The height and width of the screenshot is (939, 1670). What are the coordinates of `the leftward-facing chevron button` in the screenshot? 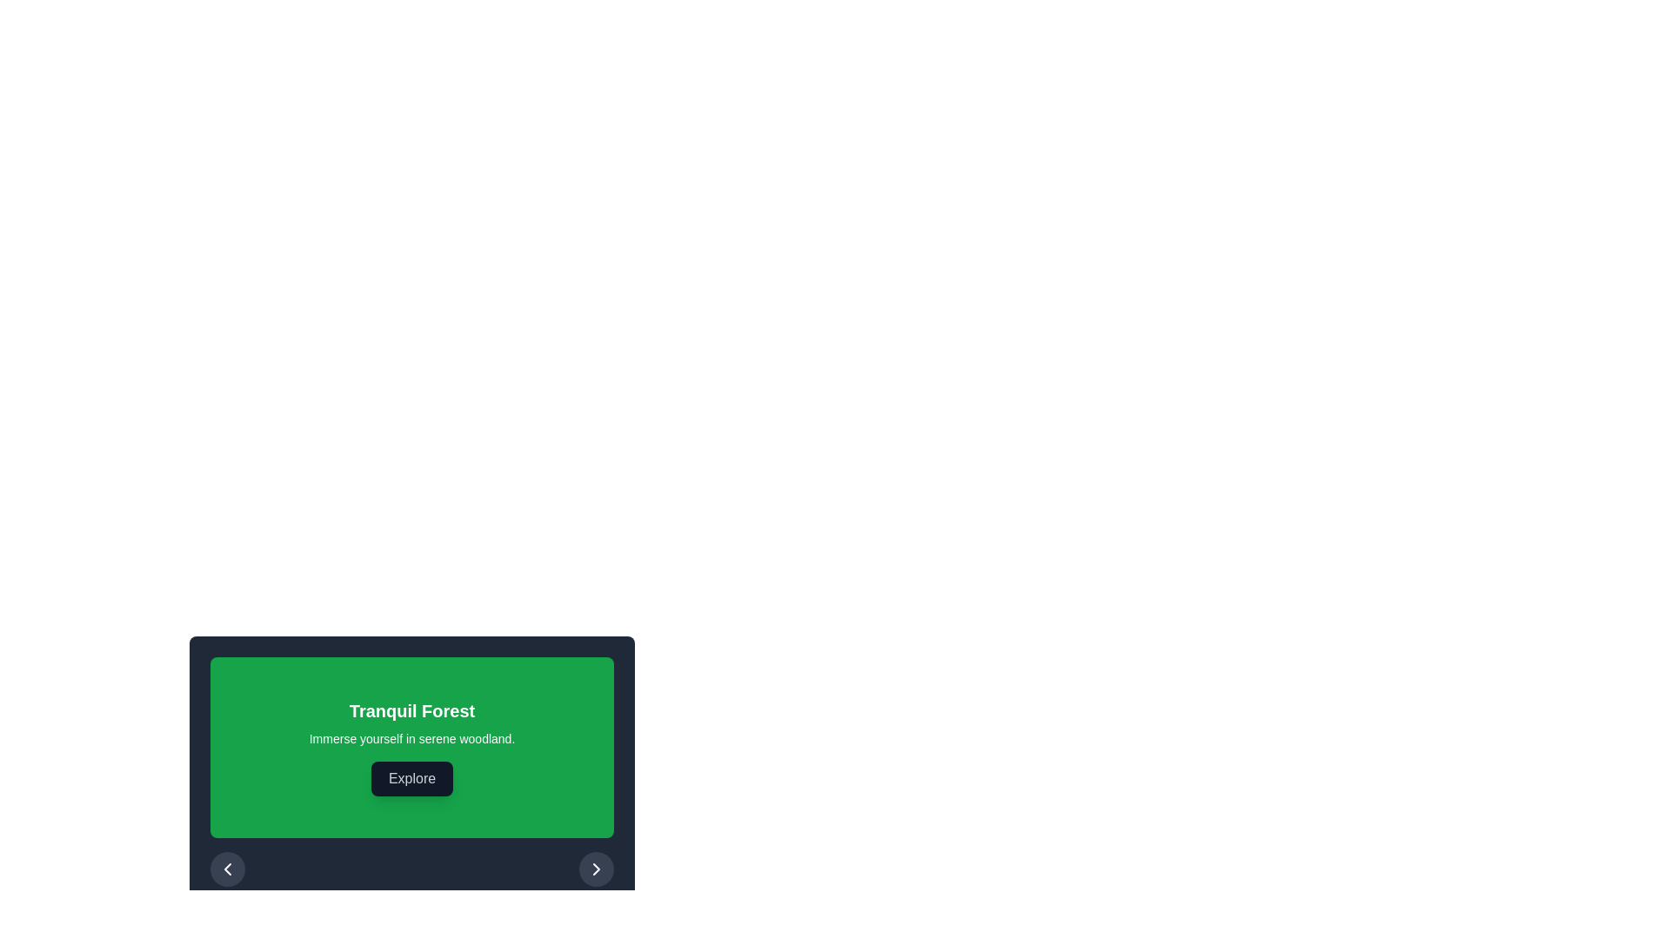 It's located at (227, 869).